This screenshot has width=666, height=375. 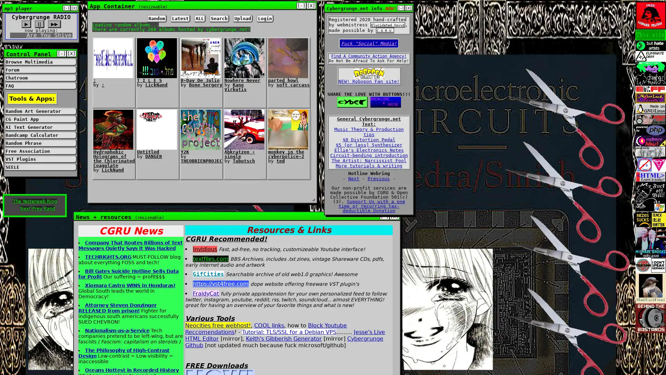 I want to click on [-], so click(x=384, y=216).